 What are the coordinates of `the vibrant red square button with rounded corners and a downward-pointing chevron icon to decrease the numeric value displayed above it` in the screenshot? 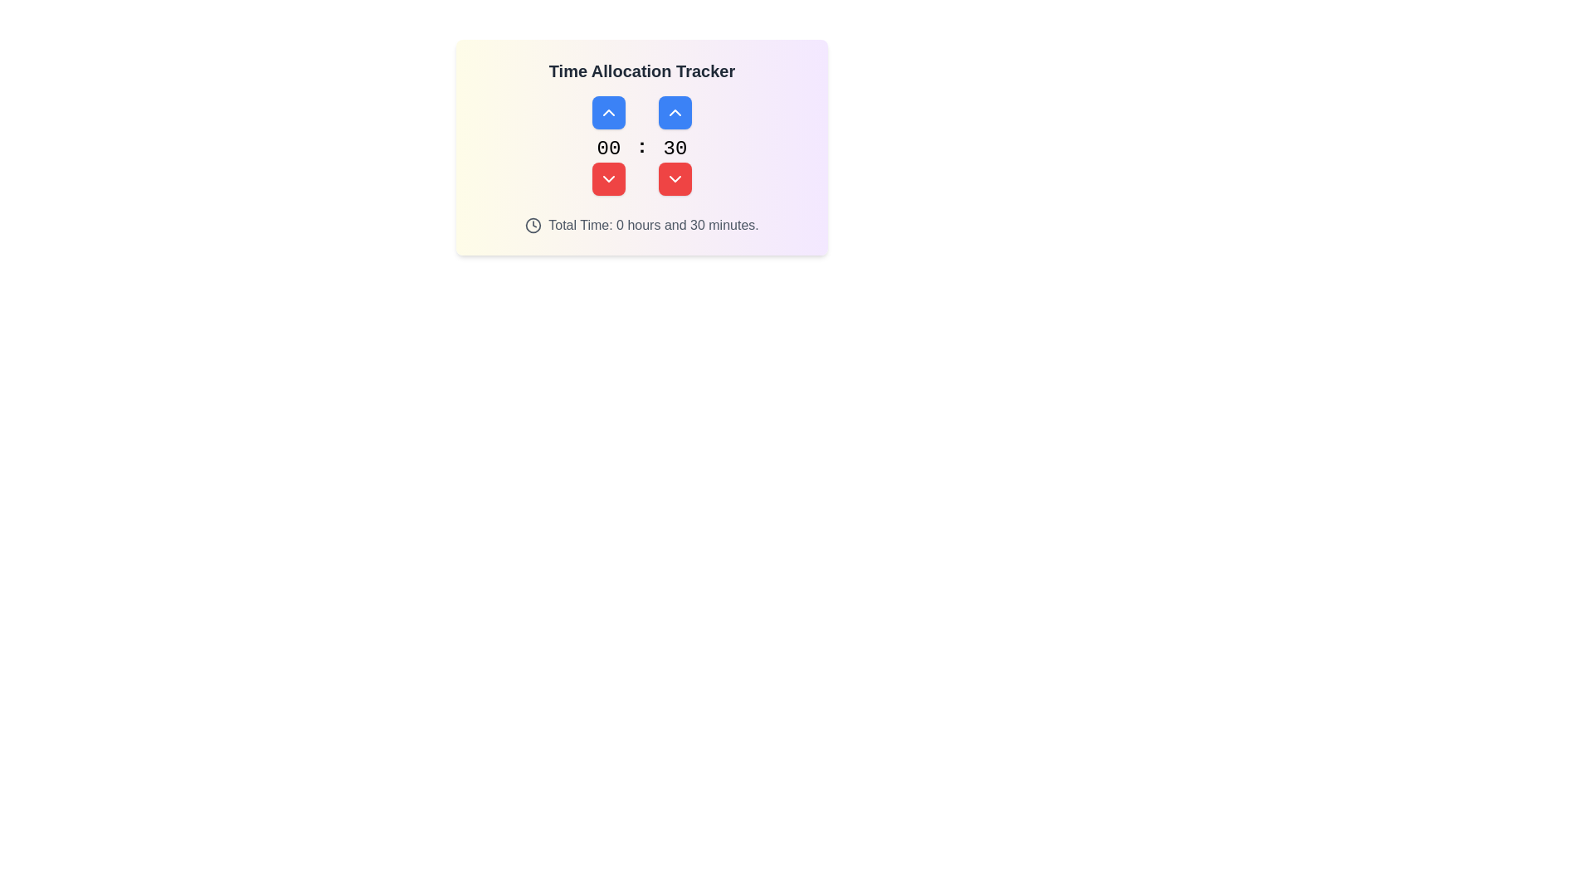 It's located at (675, 179).